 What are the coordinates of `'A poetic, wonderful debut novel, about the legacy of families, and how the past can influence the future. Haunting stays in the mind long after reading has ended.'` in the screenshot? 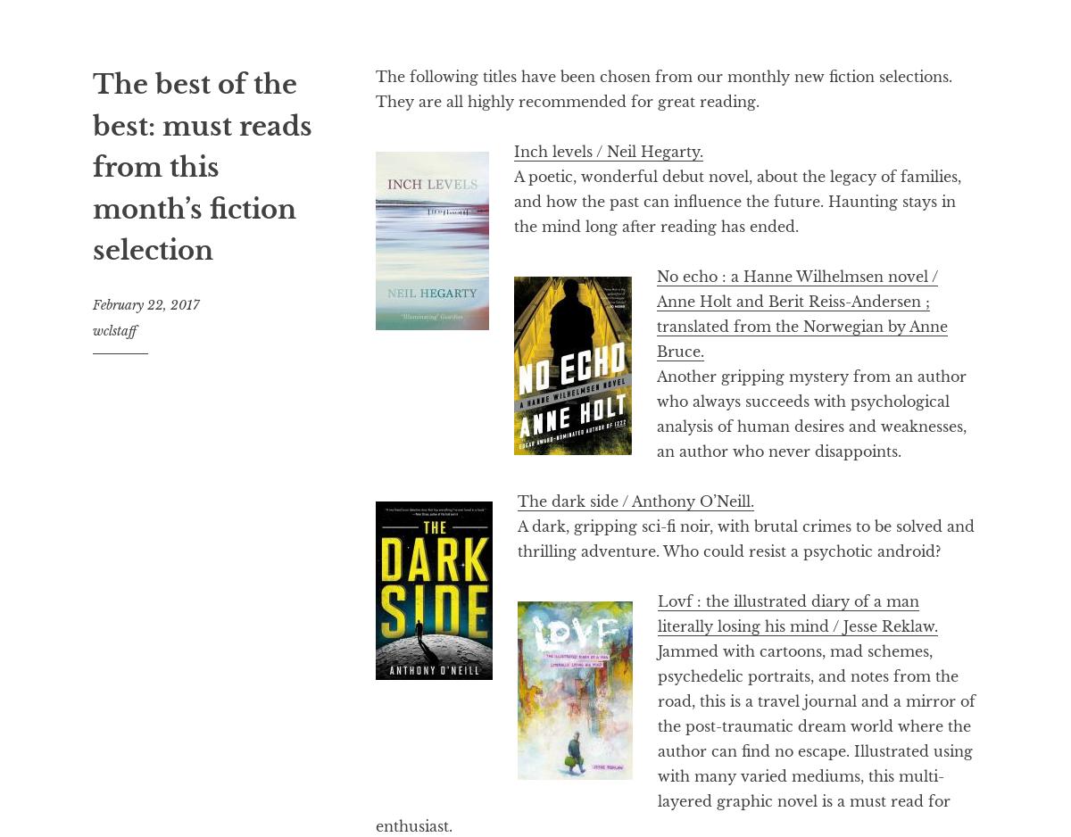 It's located at (736, 201).